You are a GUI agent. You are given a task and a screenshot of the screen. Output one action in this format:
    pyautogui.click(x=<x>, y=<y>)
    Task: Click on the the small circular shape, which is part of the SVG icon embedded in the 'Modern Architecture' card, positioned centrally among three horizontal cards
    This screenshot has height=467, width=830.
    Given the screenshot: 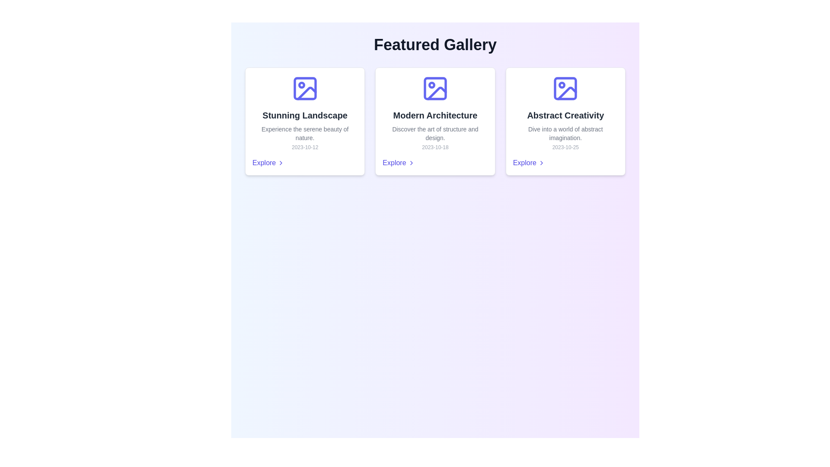 What is the action you would take?
    pyautogui.click(x=431, y=85)
    